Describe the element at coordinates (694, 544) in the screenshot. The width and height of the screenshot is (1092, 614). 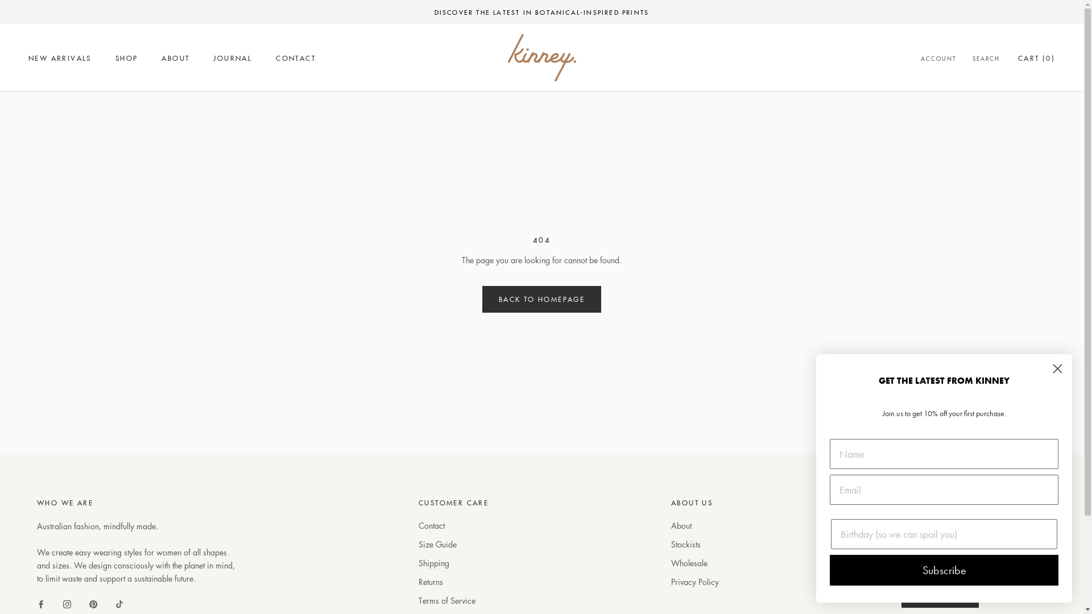
I see `'Stockists'` at that location.